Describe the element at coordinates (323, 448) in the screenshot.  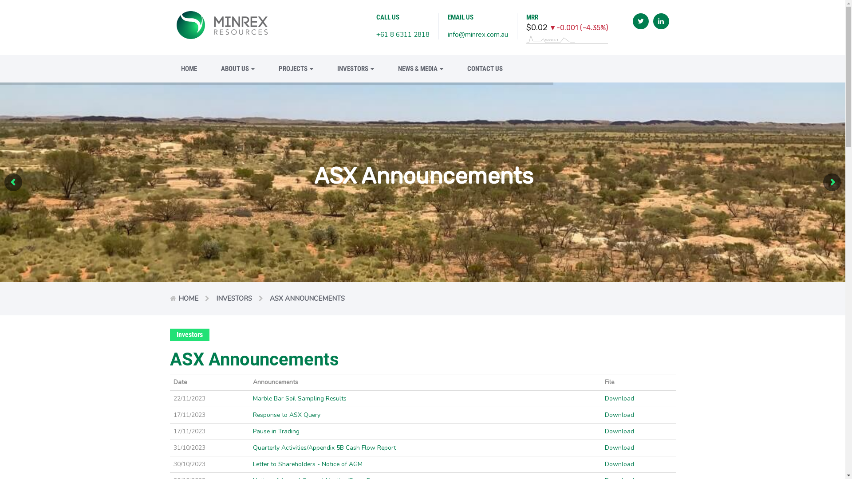
I see `'Quarterly Activities/Appendix 5B Cash Flow Report'` at that location.